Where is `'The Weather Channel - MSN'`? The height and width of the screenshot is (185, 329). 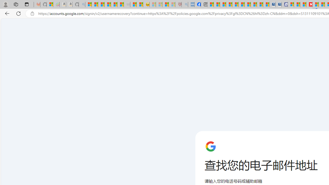
'The Weather Channel - MSN' is located at coordinates (101, 4).